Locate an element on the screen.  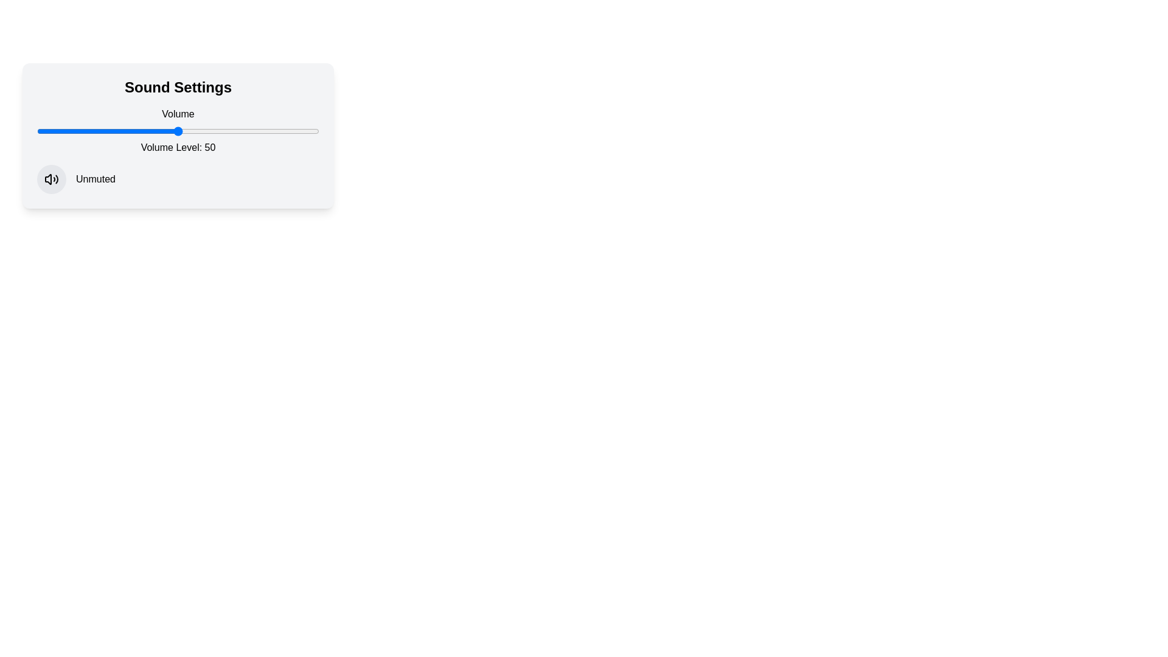
the volume is located at coordinates (152, 131).